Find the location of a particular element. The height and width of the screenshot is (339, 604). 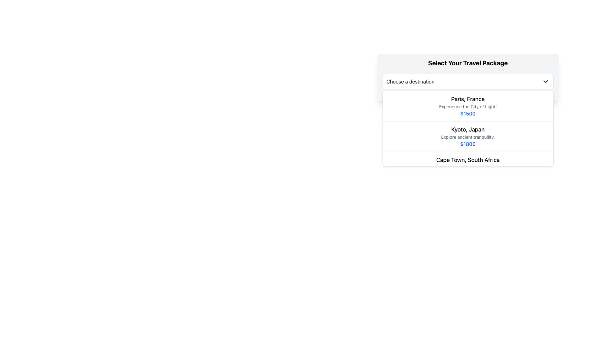

the list item labeled 'Cape Town, South Africa' is located at coordinates (468, 167).